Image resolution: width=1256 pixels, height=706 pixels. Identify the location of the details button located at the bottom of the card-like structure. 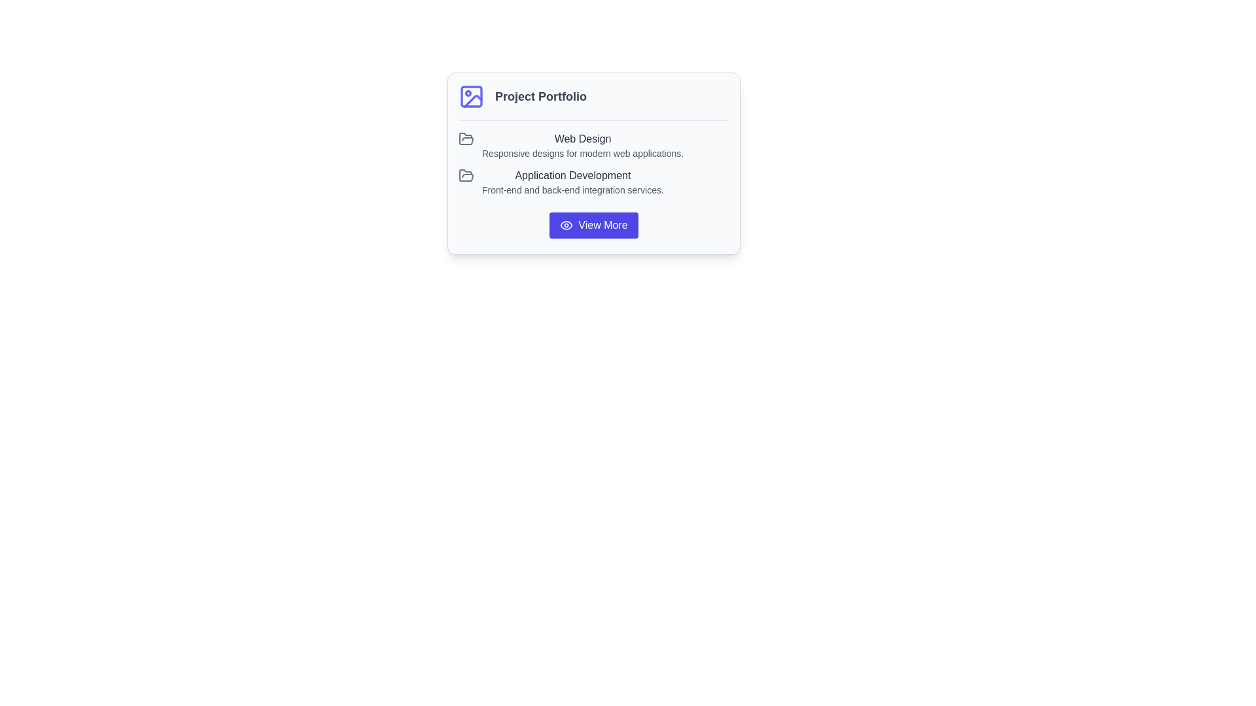
(593, 224).